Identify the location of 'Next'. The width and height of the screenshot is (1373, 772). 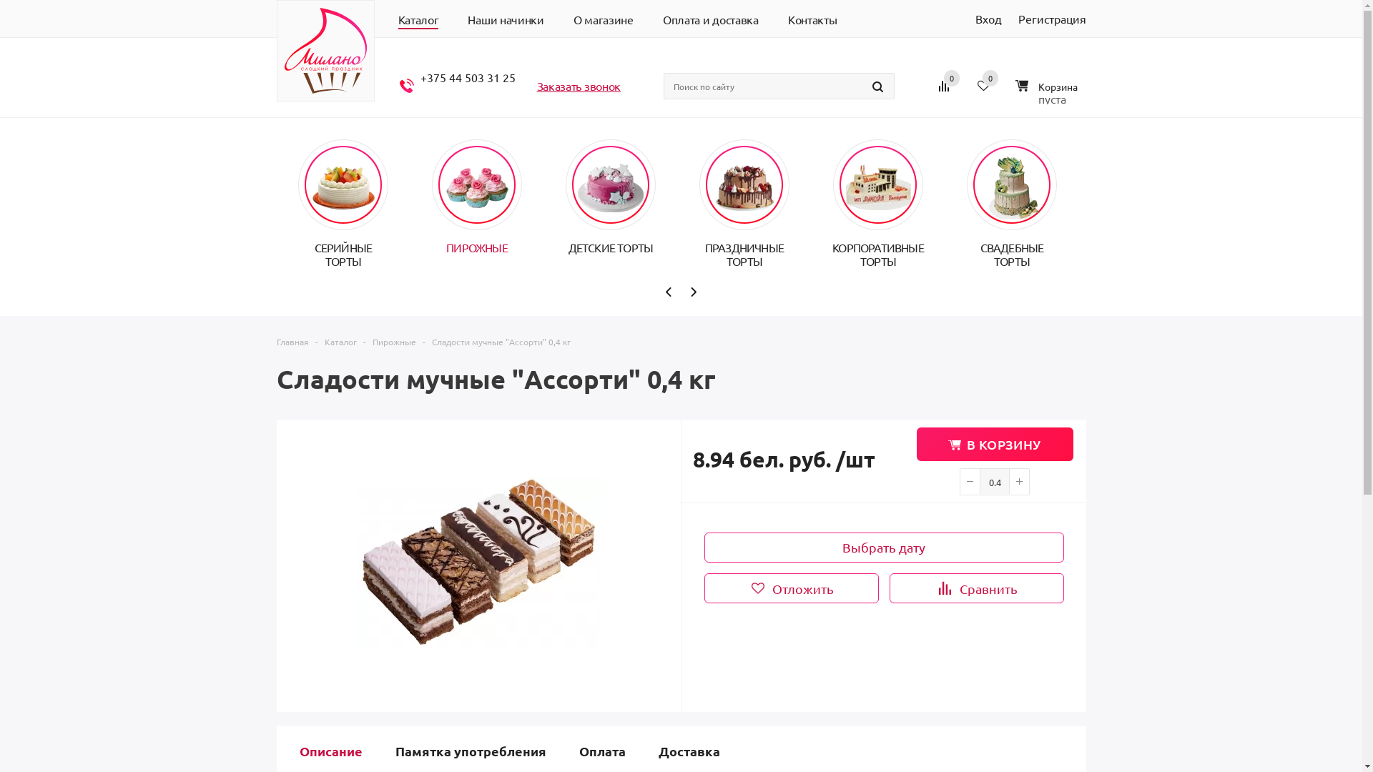
(693, 291).